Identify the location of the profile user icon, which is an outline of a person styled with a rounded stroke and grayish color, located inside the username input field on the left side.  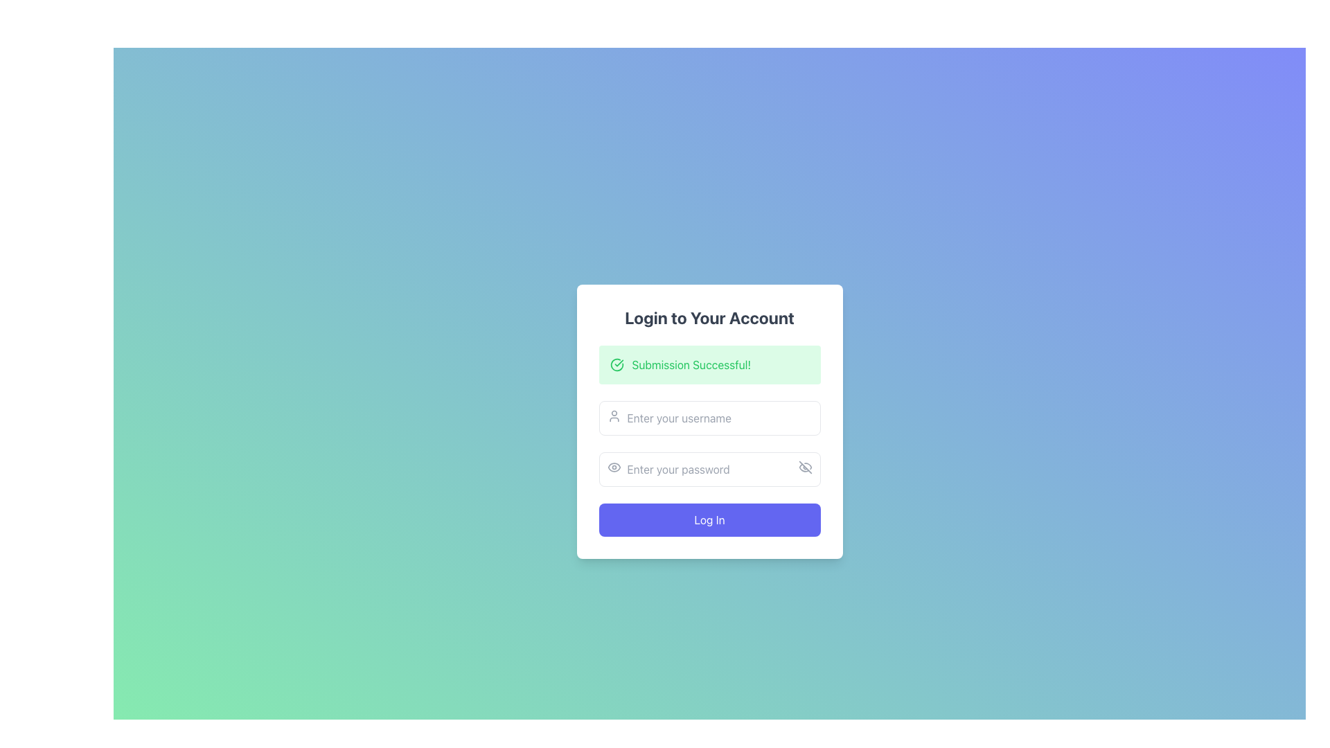
(613, 416).